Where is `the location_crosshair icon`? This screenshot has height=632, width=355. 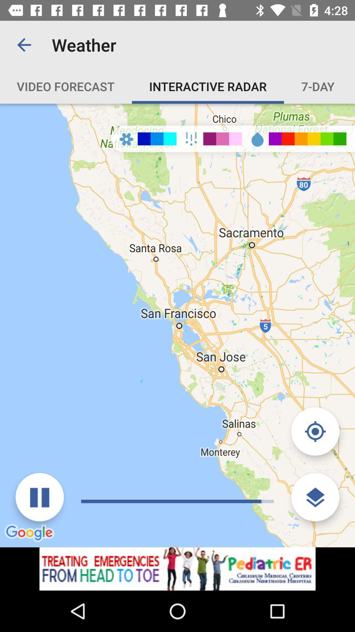 the location_crosshair icon is located at coordinates (315, 431).